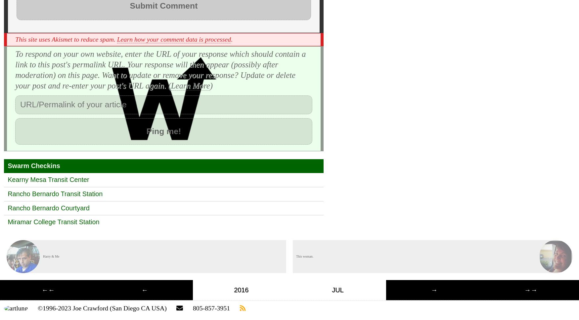  What do you see at coordinates (53, 222) in the screenshot?
I see `'Miramar College Transit Station'` at bounding box center [53, 222].